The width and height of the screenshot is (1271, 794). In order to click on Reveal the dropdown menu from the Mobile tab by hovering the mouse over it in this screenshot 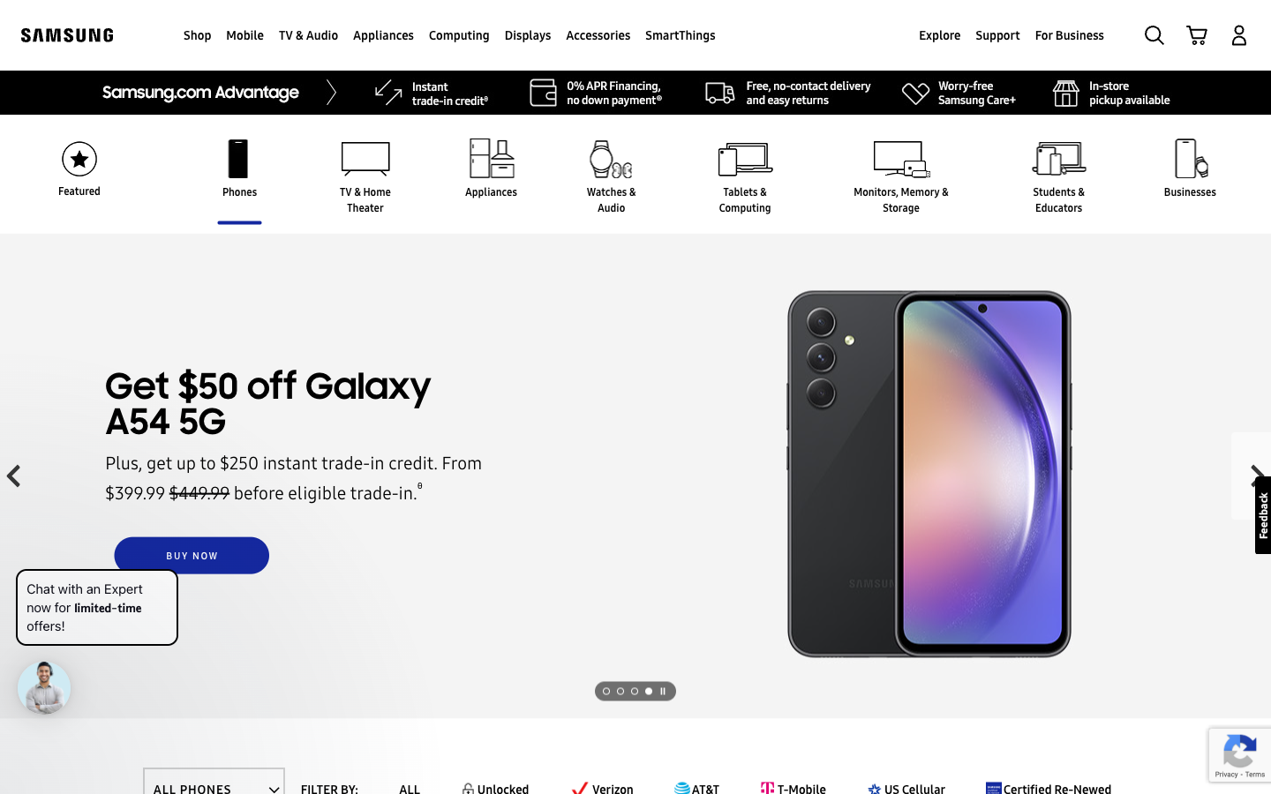, I will do `click(352702, 31760)`.